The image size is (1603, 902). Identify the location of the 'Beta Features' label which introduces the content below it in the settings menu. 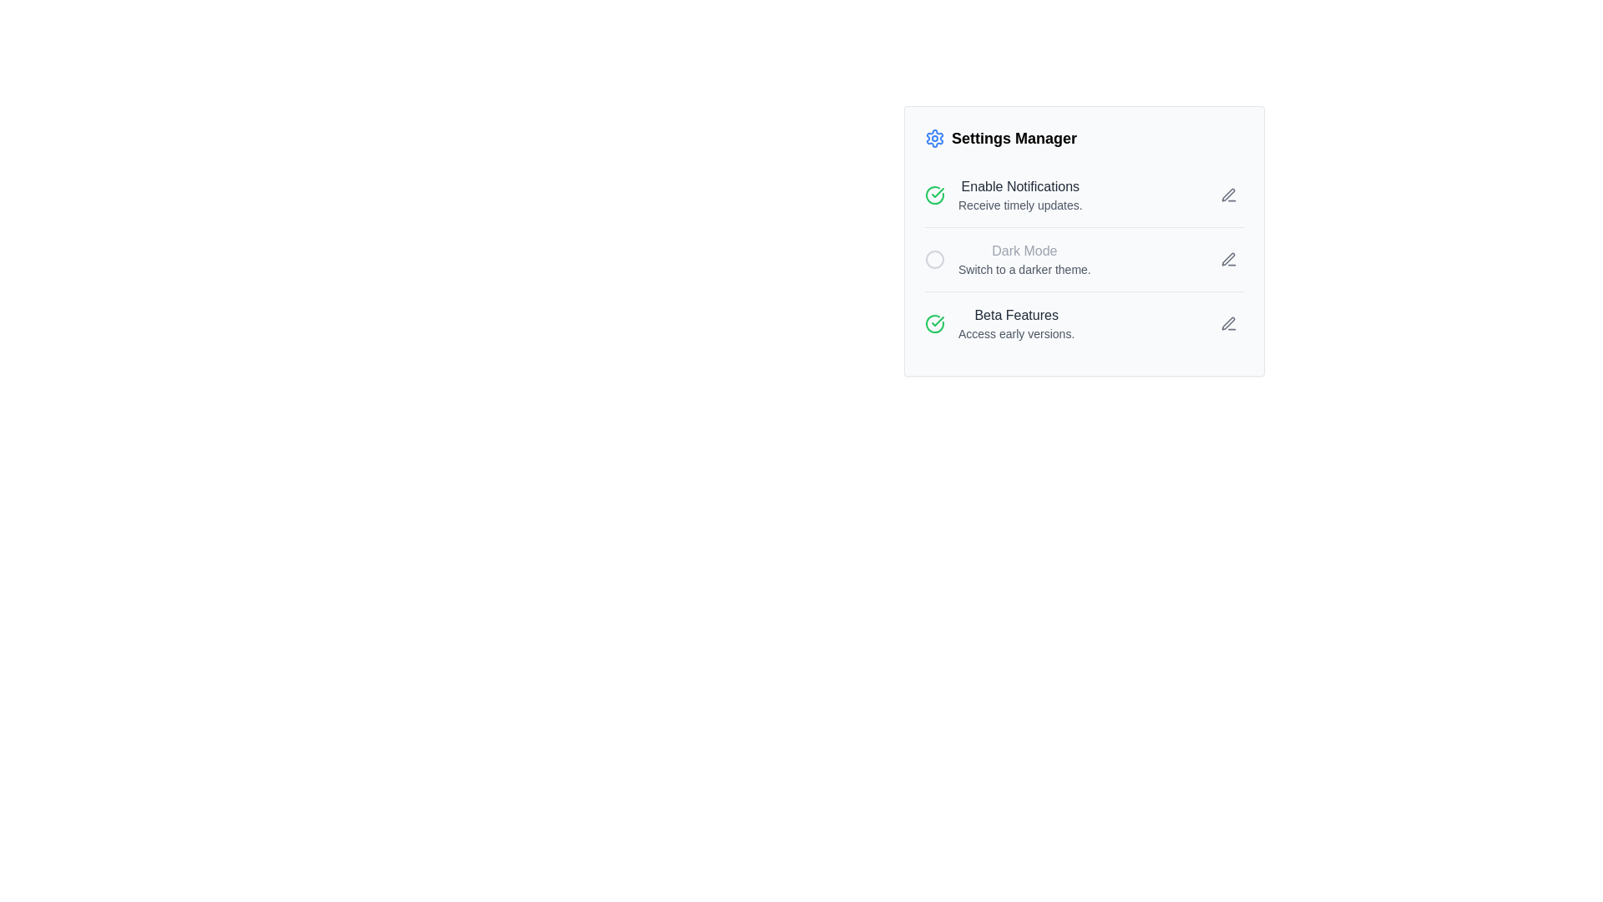
(1015, 316).